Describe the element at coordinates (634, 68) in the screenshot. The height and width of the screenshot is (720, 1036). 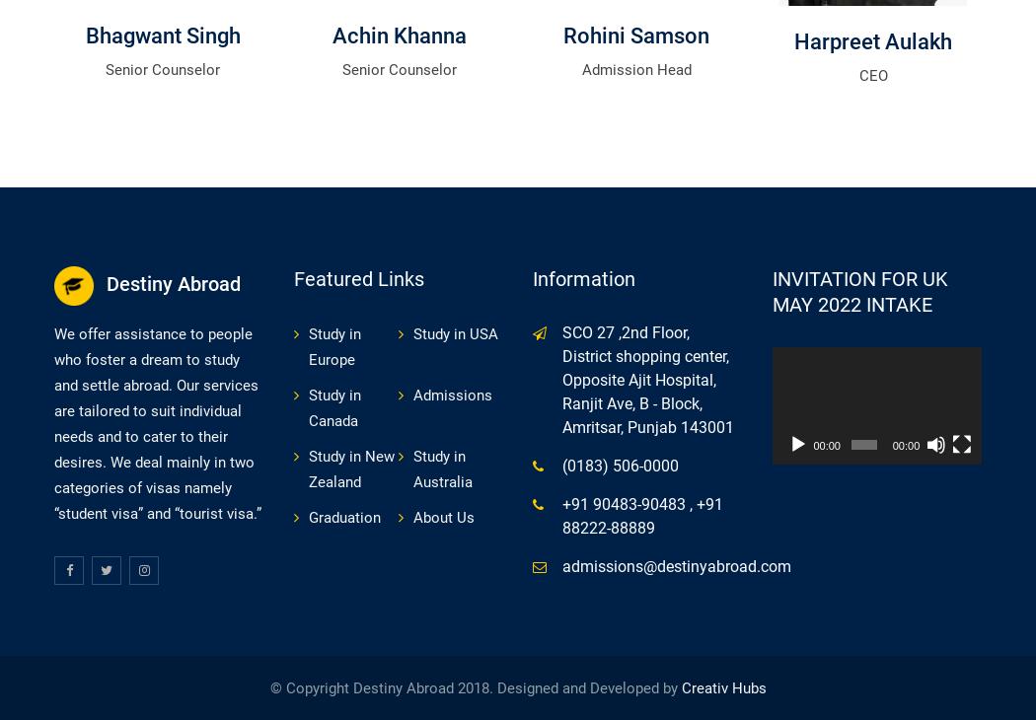
I see `'Admission Head'` at that location.